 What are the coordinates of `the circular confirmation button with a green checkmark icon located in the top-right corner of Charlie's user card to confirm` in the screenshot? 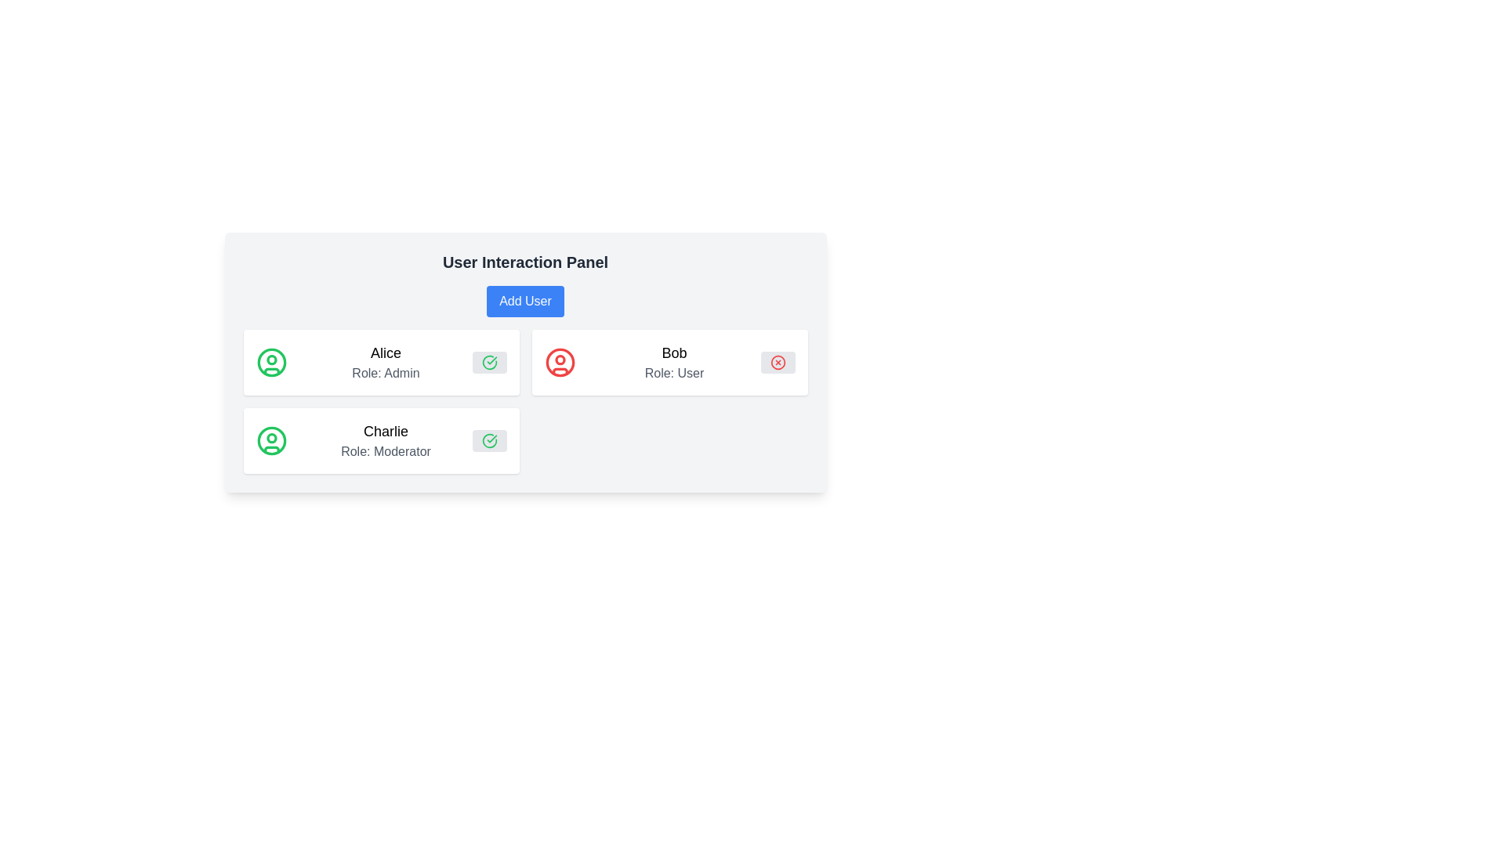 It's located at (488, 441).